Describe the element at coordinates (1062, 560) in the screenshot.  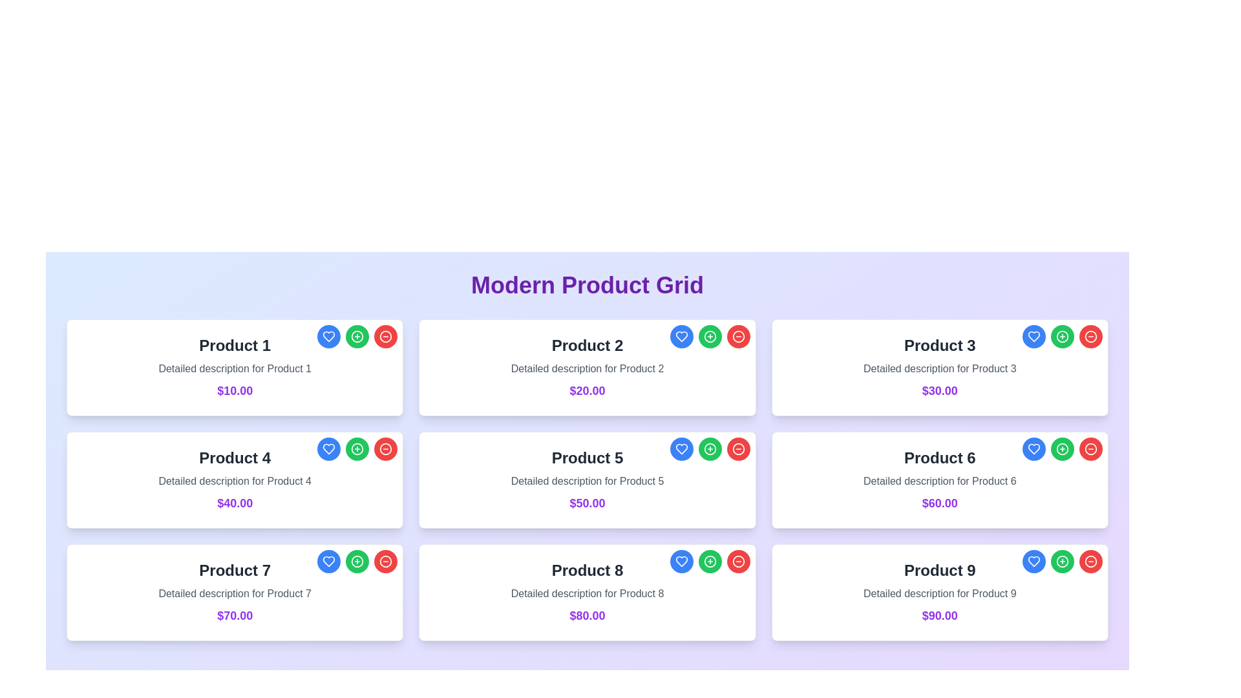
I see `the circular green button with a white plus sign located in the top right corner of the 'Product 9' card` at that location.